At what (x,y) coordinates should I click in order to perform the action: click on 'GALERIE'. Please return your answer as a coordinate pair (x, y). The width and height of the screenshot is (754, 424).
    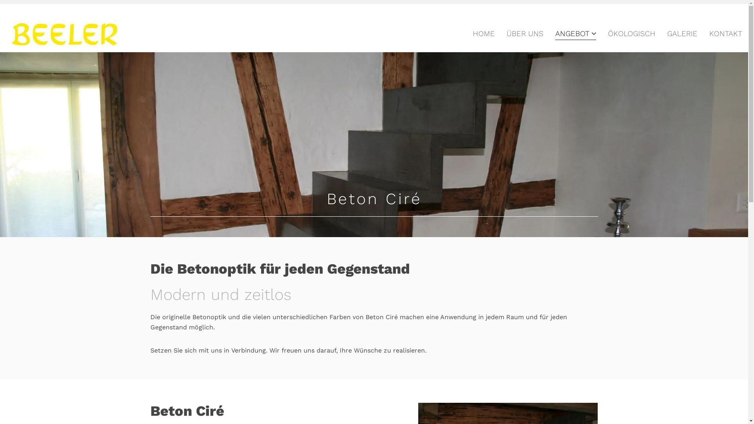
    Looking at the image, I should click on (667, 33).